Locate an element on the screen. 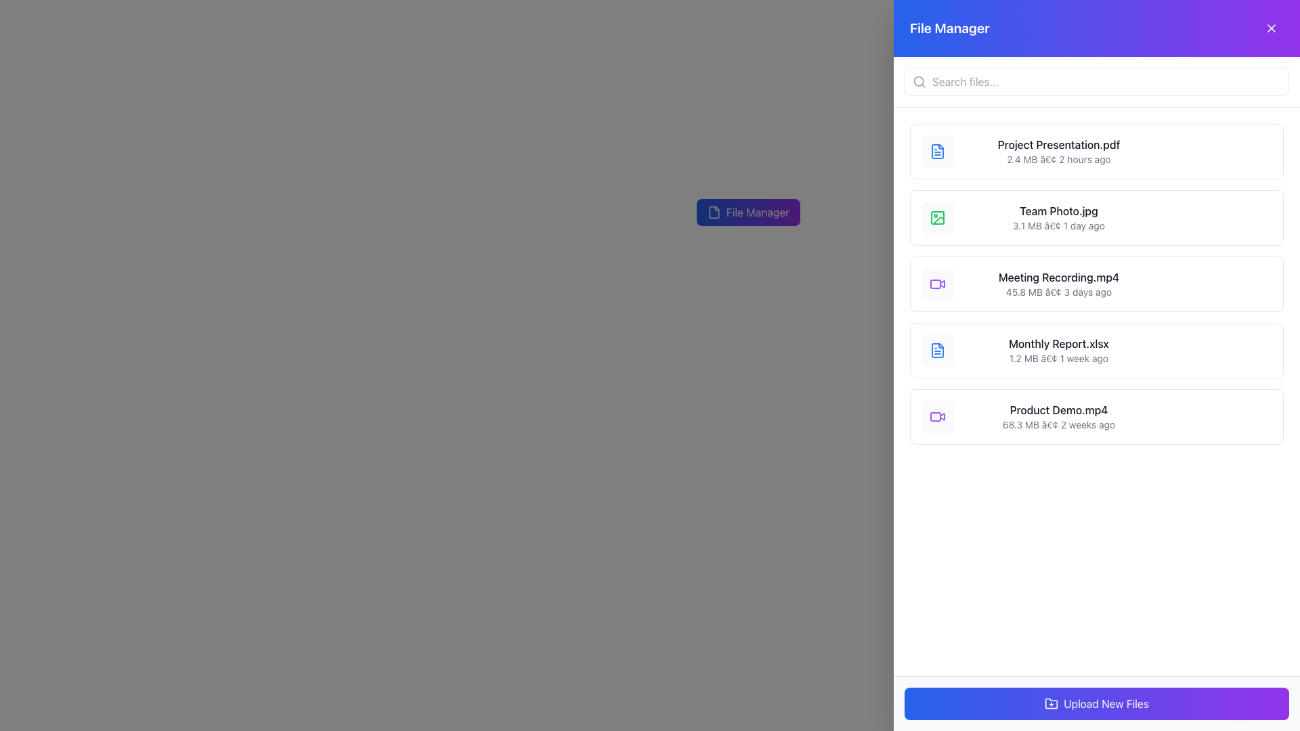 This screenshot has height=731, width=1300. the delete button located to the right of the 'Monthly Report.xlsx' file name in the file list is located at coordinates (1232, 349).